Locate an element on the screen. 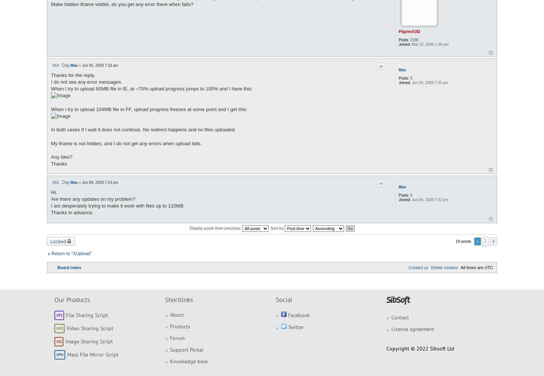  '#14' is located at coordinates (55, 65).